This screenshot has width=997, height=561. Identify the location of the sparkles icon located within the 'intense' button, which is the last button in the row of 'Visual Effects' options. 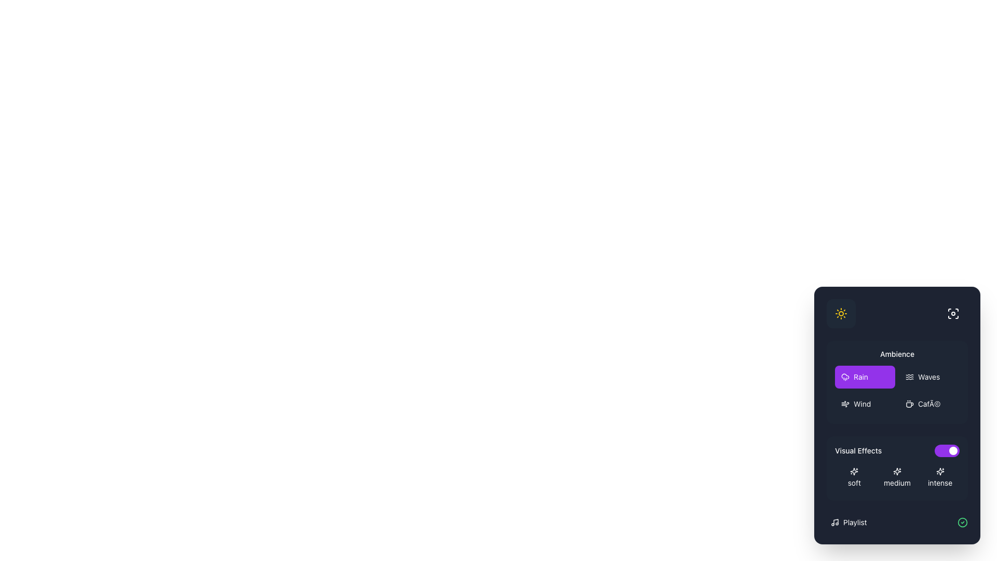
(940, 471).